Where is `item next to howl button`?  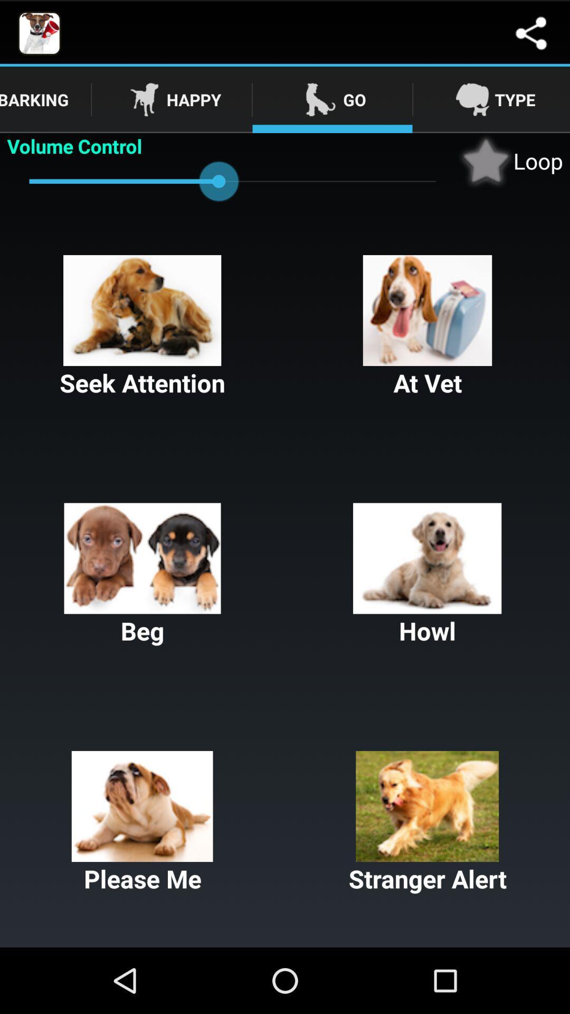 item next to howl button is located at coordinates (142, 575).